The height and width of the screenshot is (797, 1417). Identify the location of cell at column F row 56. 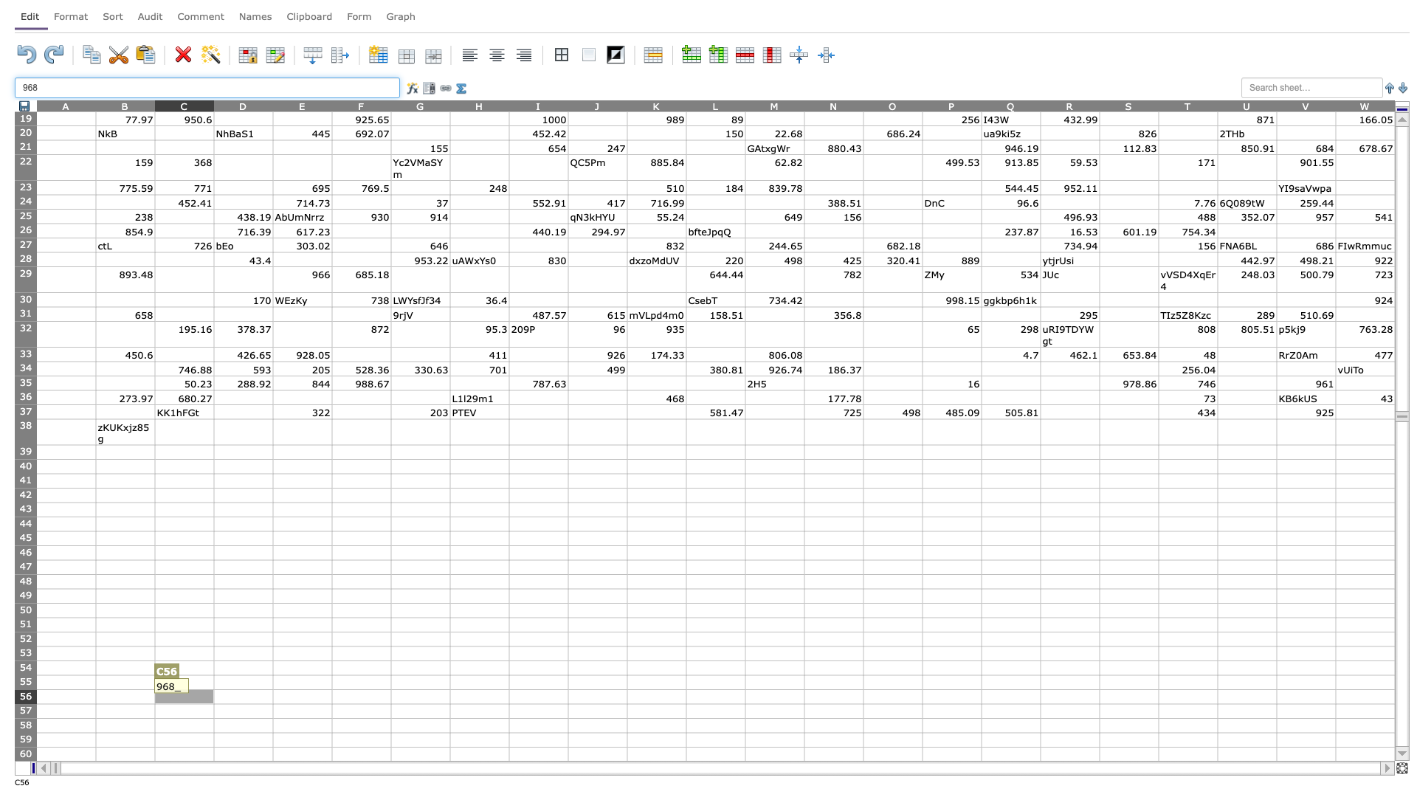
(361, 697).